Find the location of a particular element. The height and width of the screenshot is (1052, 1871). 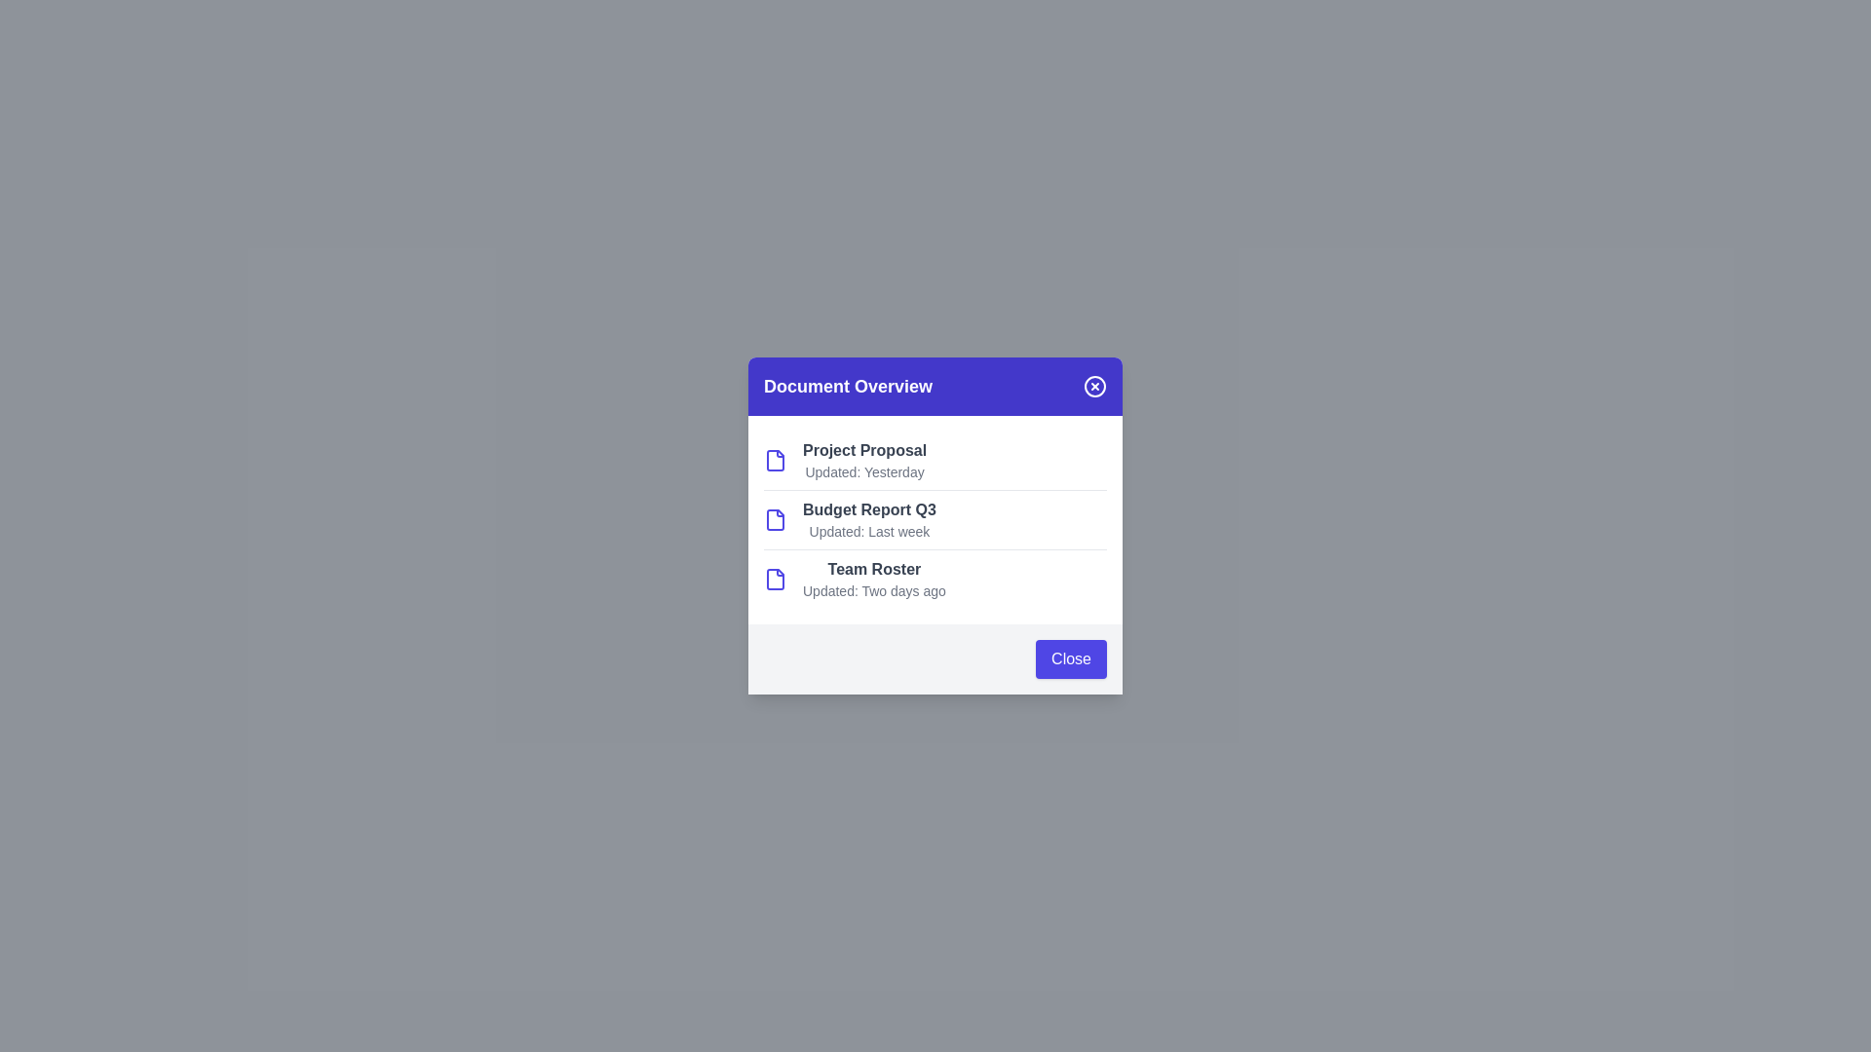

the text 'Project Proposal' to select it is located at coordinates (847, 450).